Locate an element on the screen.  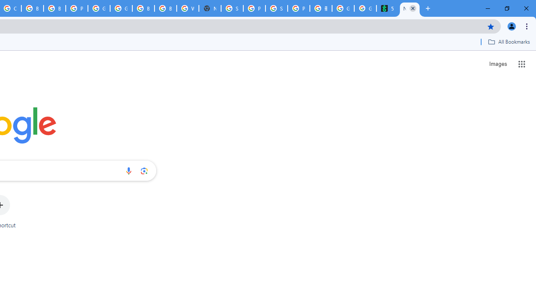
'Search for Images ' is located at coordinates (498, 64).